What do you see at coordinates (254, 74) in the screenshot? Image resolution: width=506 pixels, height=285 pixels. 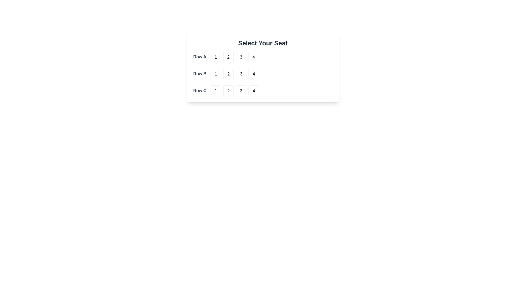 I see `the fourth button in Row B to trigger hover effects` at bounding box center [254, 74].